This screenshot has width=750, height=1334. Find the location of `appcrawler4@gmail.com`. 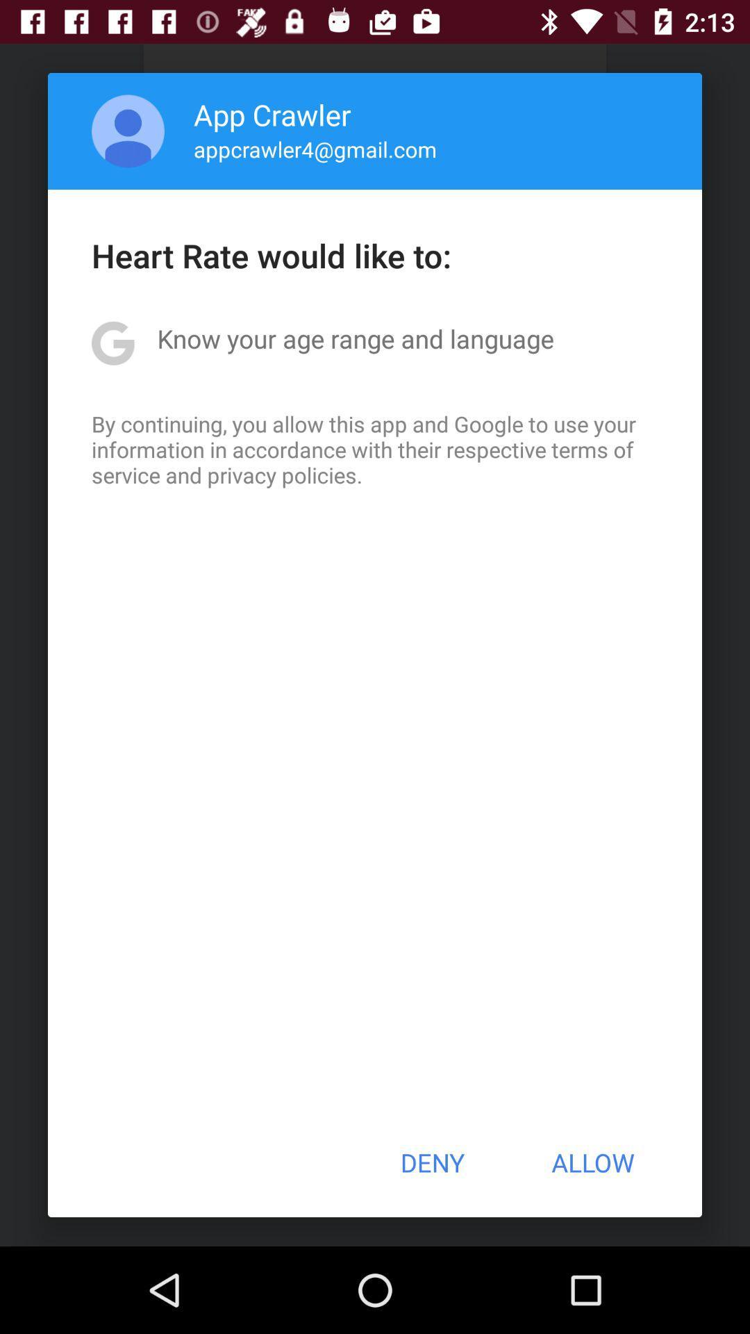

appcrawler4@gmail.com is located at coordinates (315, 149).